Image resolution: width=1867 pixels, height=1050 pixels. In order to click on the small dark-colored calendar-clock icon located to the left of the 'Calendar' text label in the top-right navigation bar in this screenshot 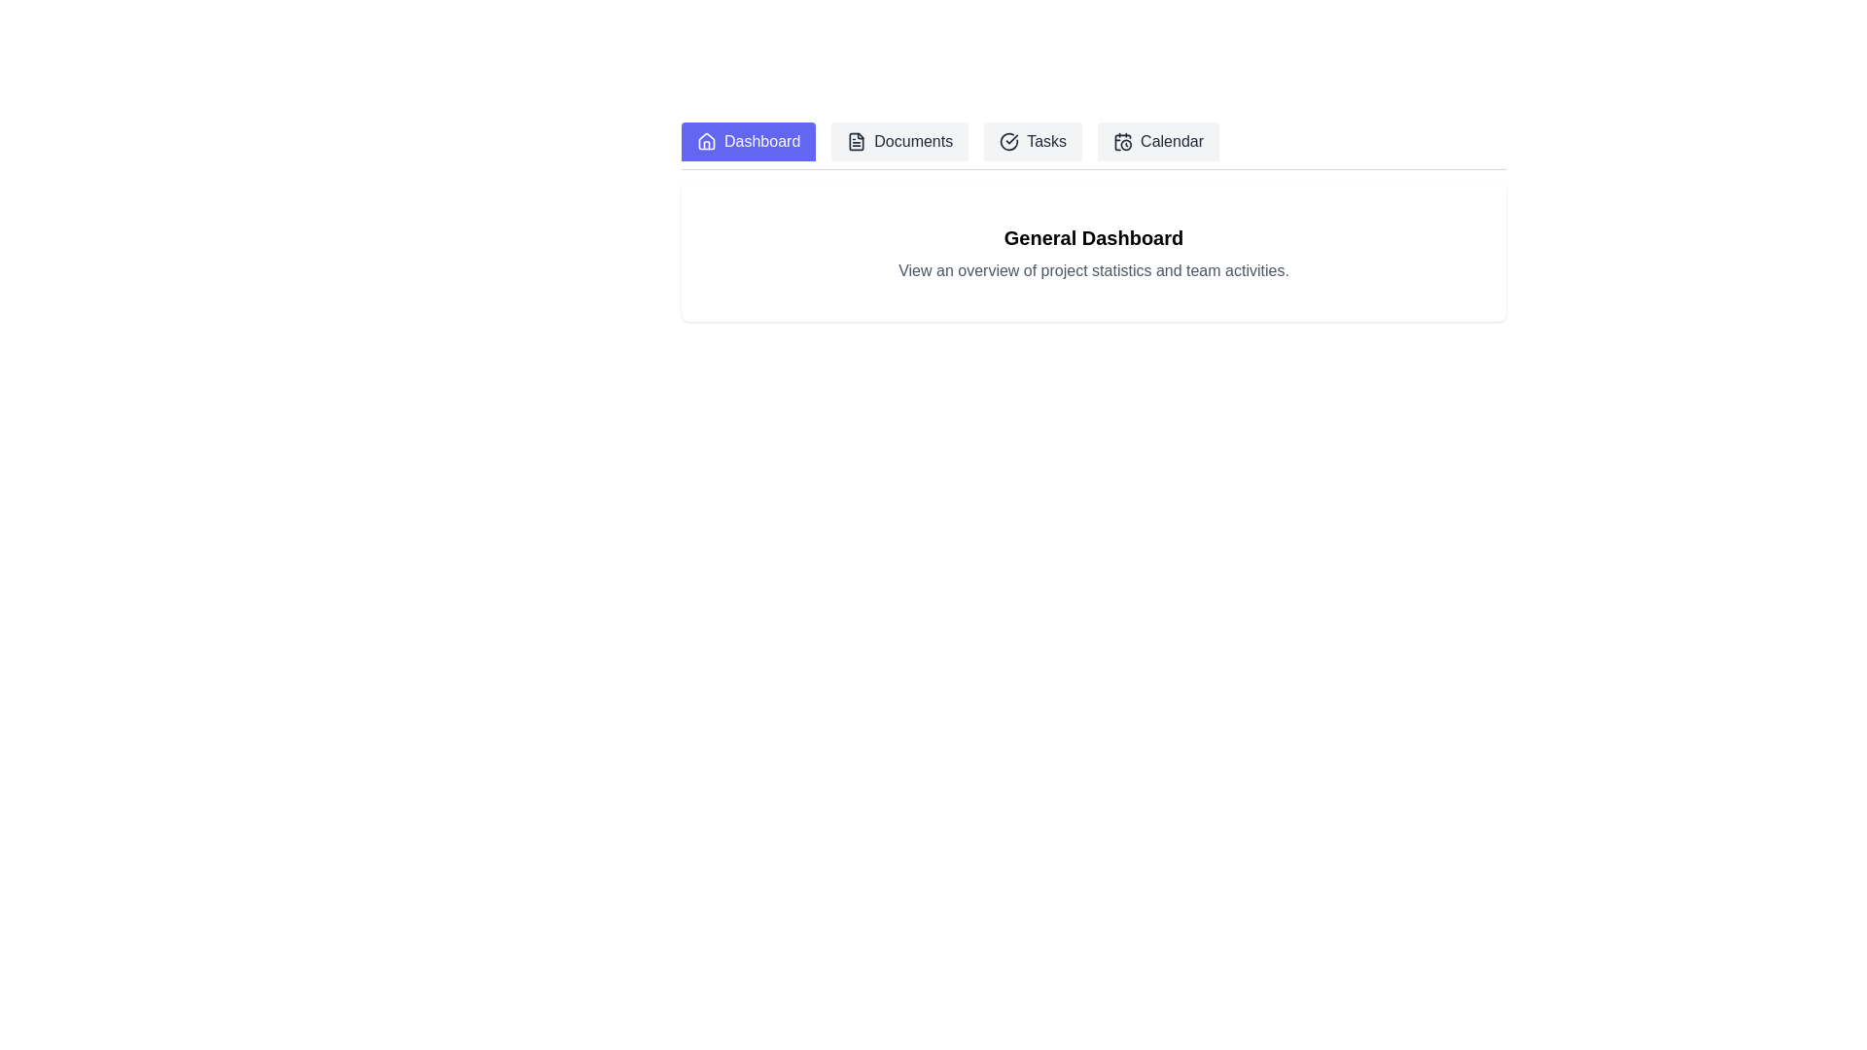, I will do `click(1123, 141)`.